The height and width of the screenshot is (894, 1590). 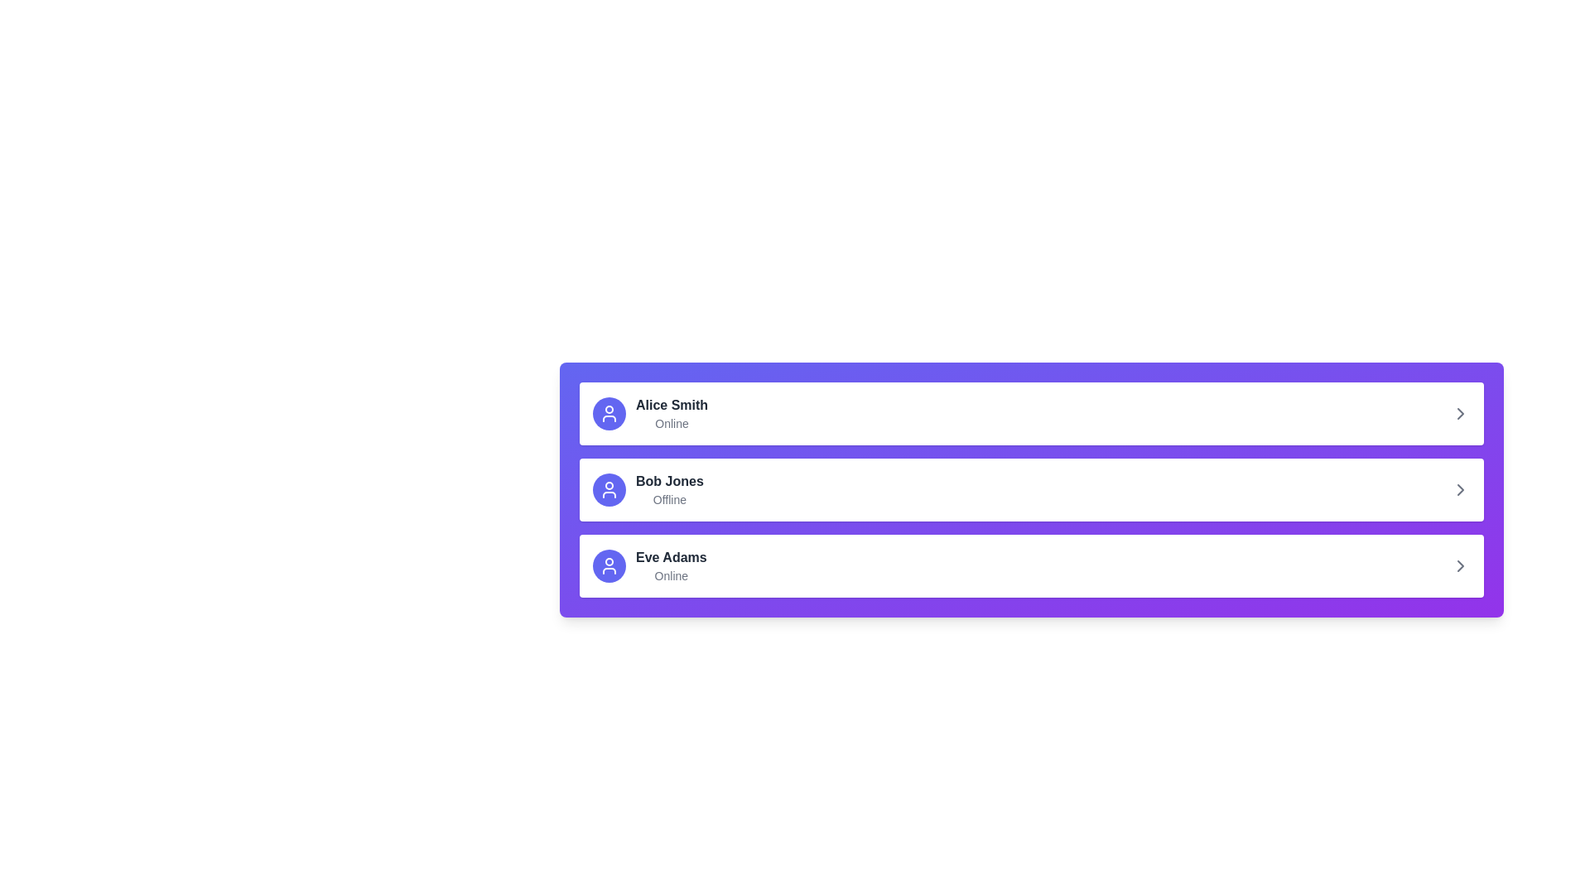 What do you see at coordinates (1460, 488) in the screenshot?
I see `the chevron arrow icon located next to the 'Bob Jones' name entry in the second list item` at bounding box center [1460, 488].